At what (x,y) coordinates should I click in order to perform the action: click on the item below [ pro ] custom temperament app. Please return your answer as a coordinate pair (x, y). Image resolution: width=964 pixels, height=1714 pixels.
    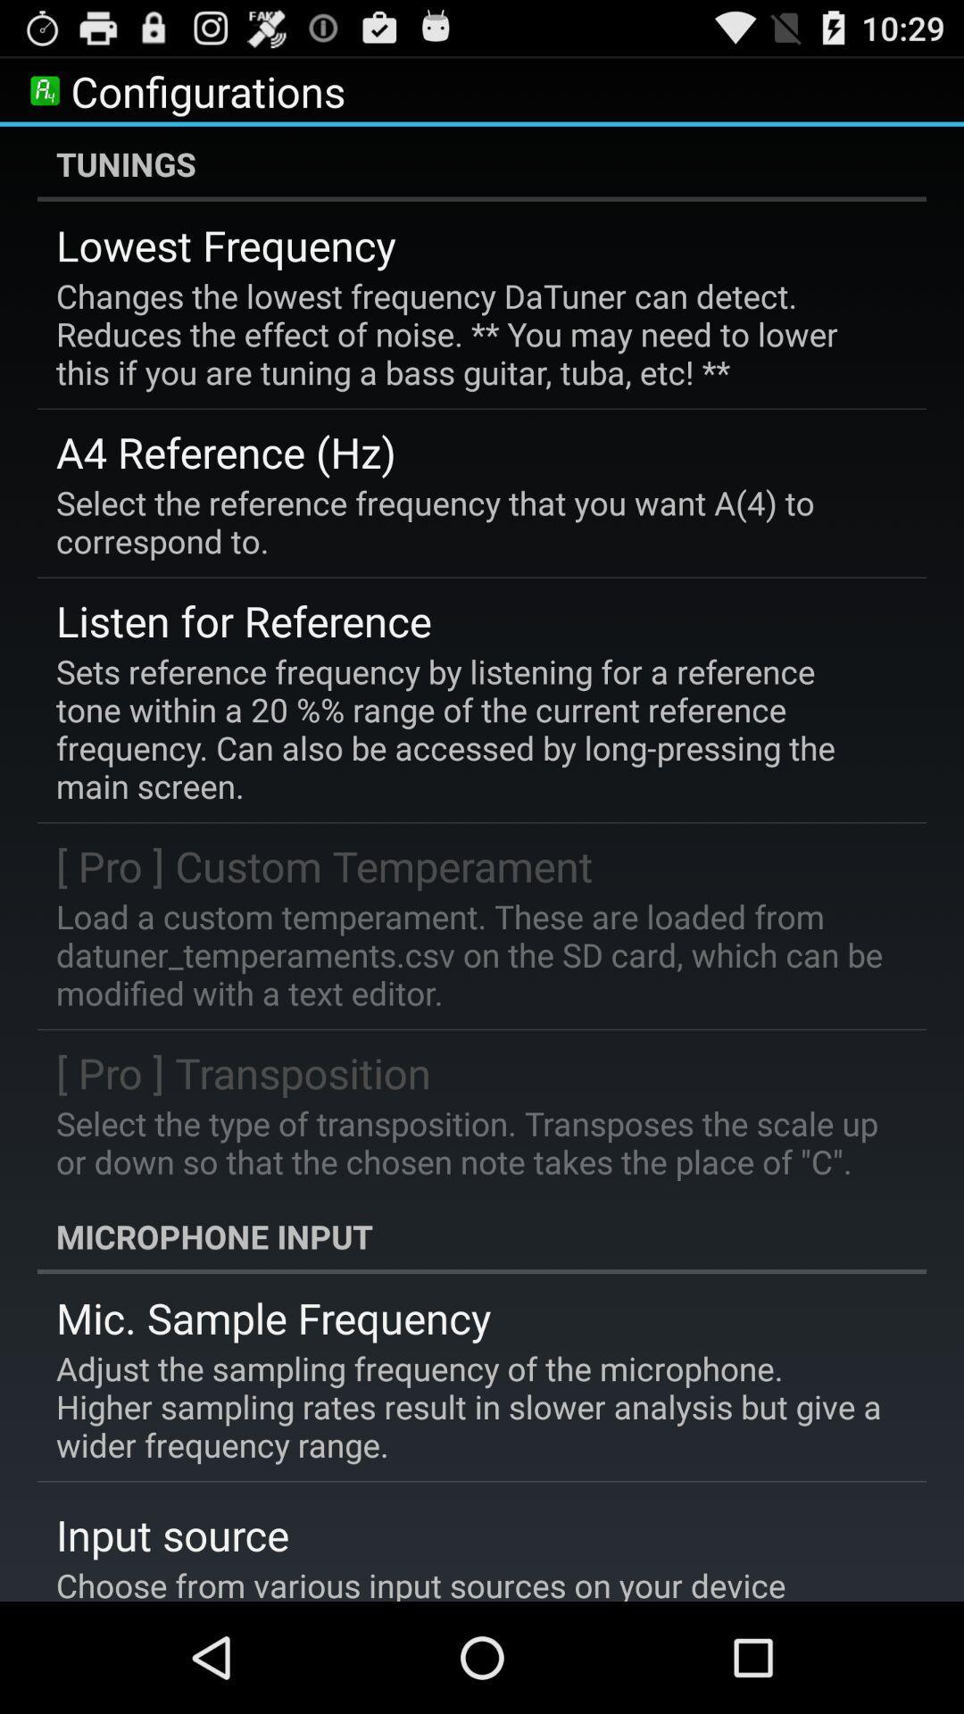
    Looking at the image, I should click on (469, 953).